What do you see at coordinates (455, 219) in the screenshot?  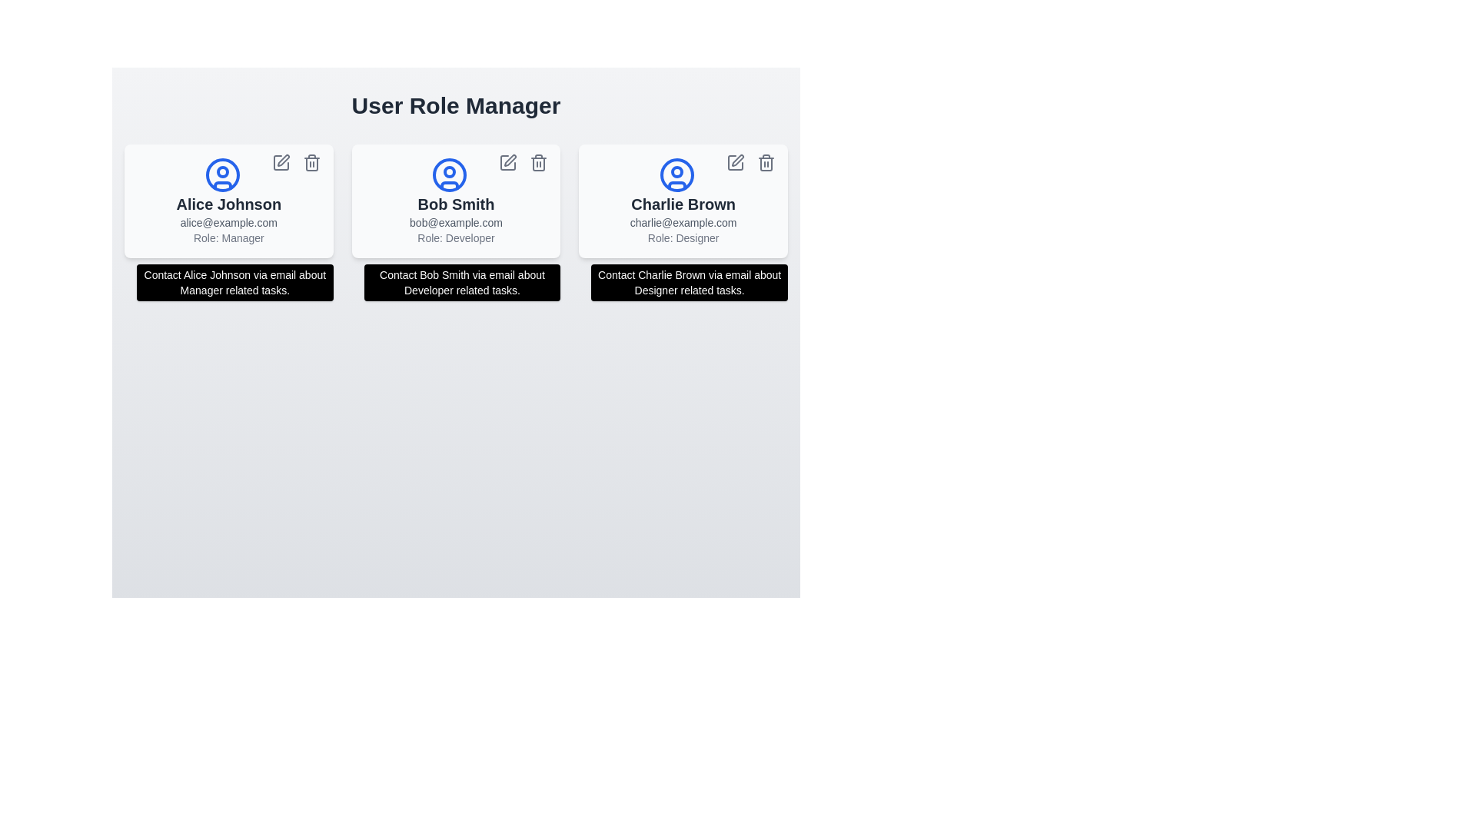 I see `the displayed information in the Text Display element that shows 'Bob Smith', 'bob@example.com', and 'Role: Developer'` at bounding box center [455, 219].